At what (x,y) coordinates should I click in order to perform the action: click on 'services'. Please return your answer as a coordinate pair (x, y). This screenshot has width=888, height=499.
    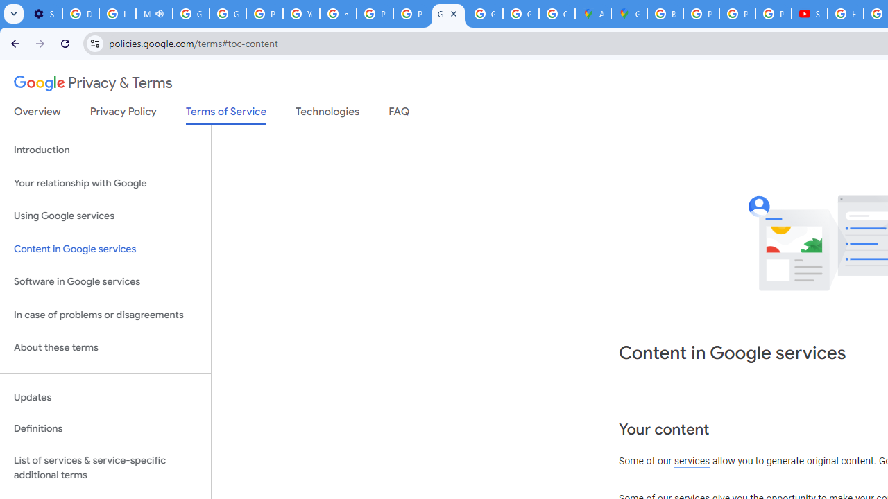
    Looking at the image, I should click on (692, 462).